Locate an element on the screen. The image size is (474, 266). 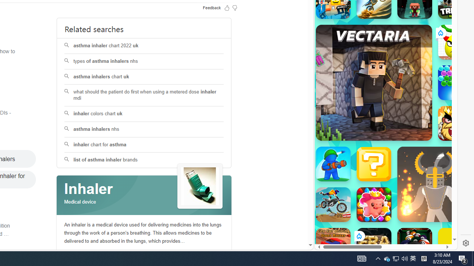
'types of asthma inhalers nhs' is located at coordinates (144, 61).